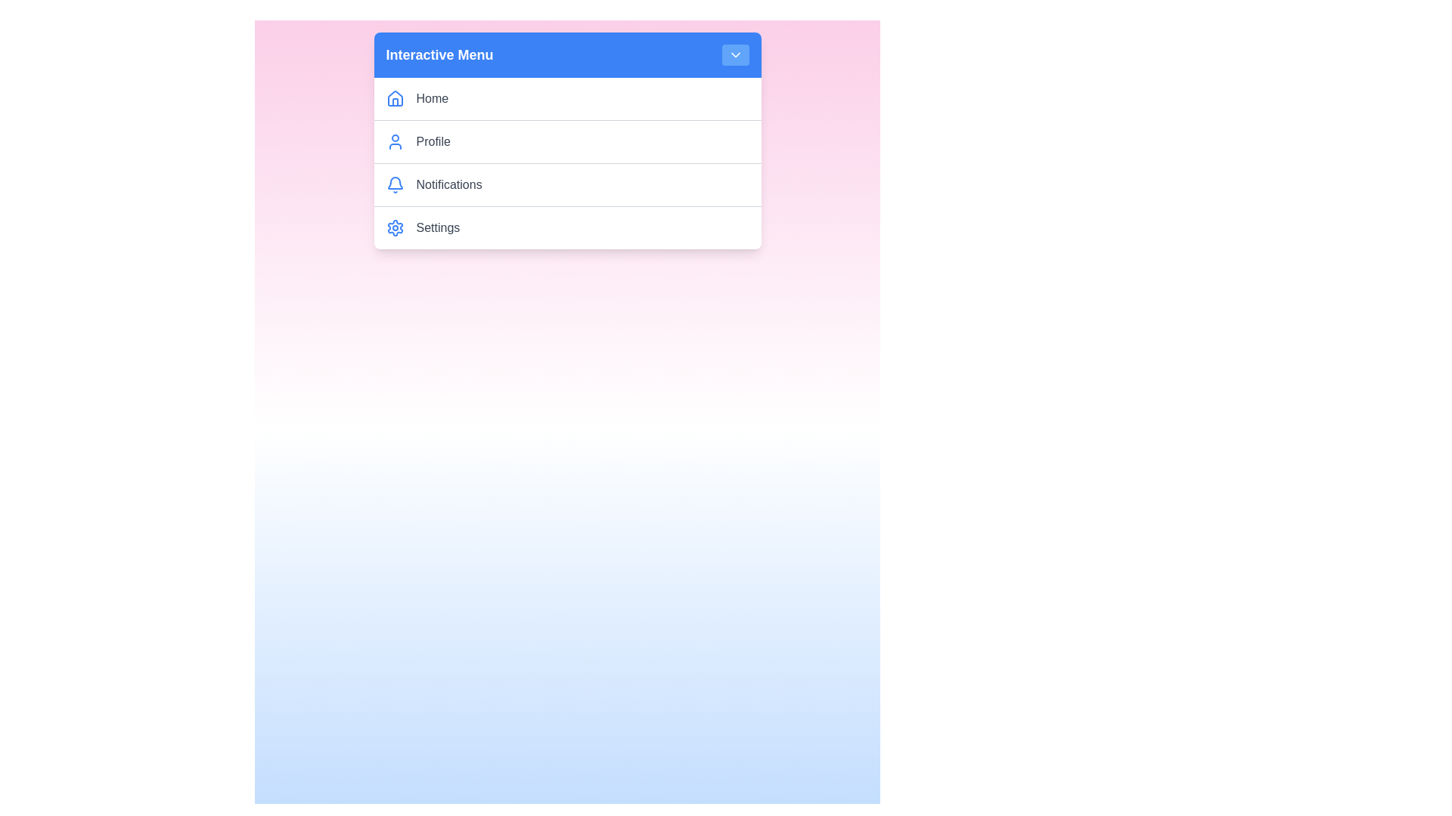  Describe the element at coordinates (735, 54) in the screenshot. I see `toggle button to expand or collapse the menu` at that location.